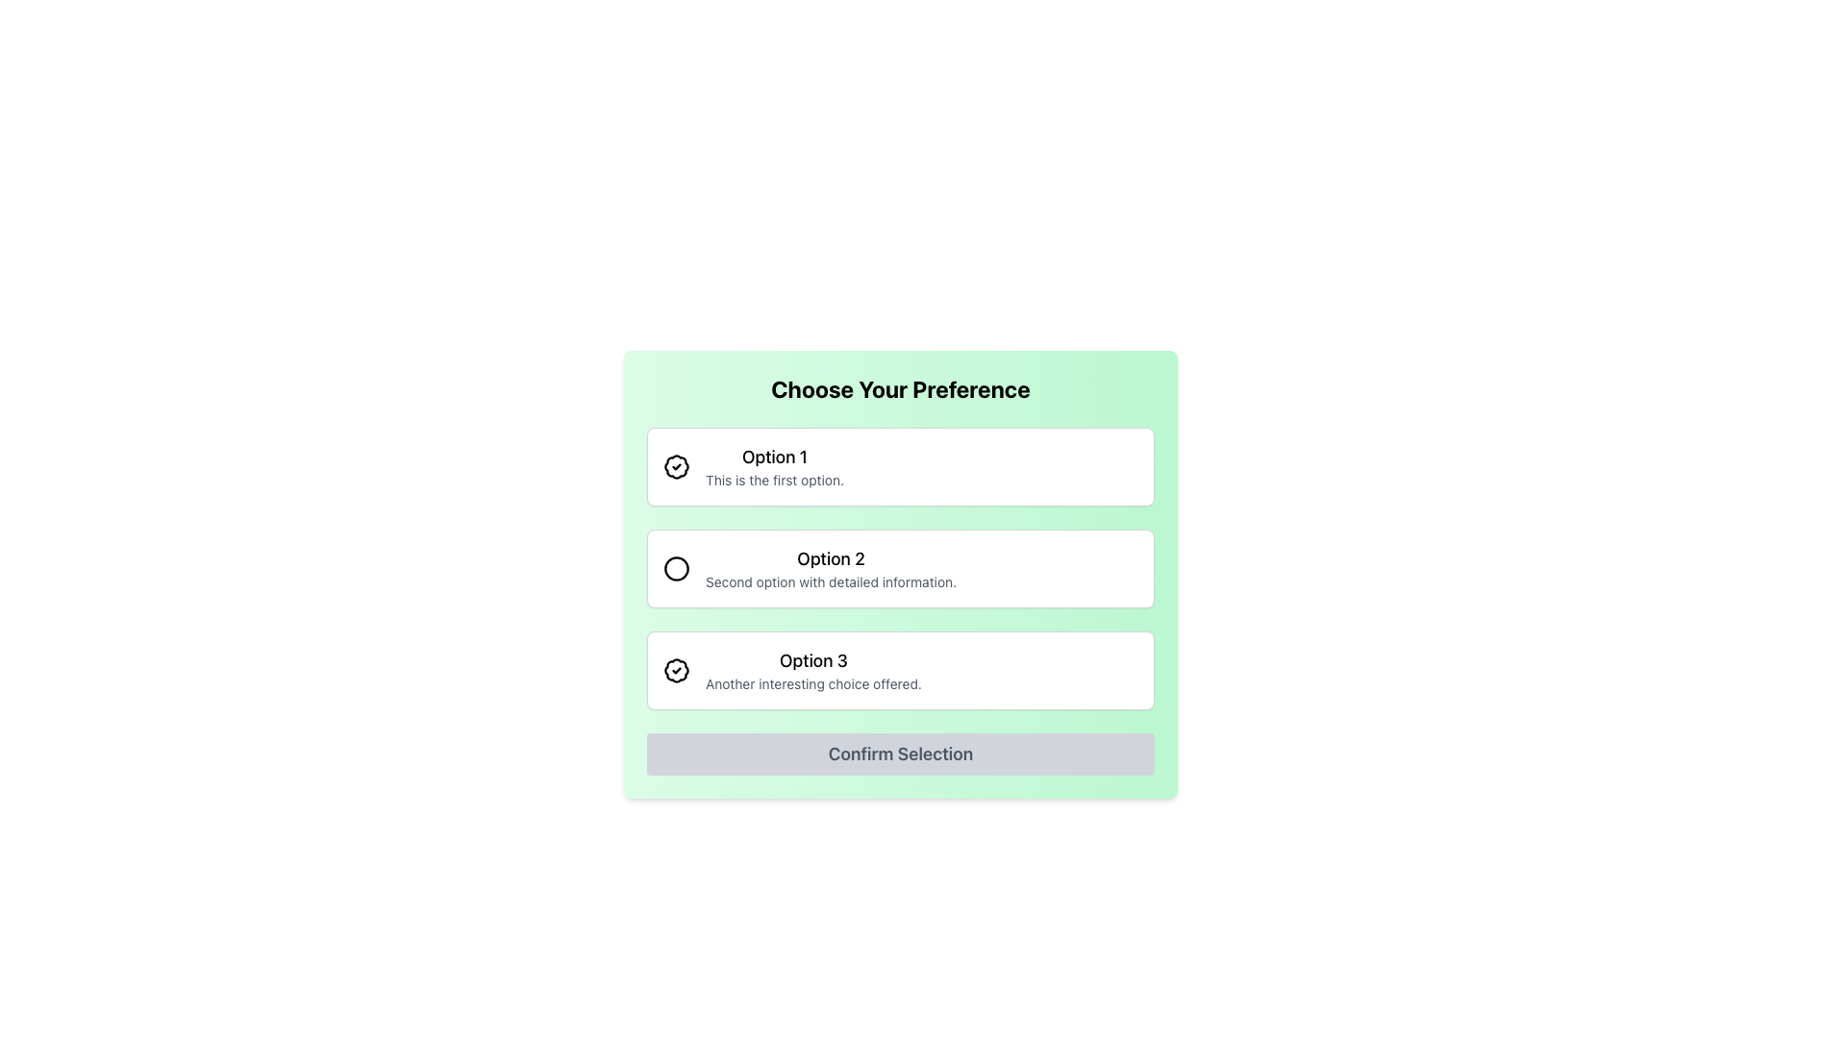 This screenshot has width=1846, height=1038. What do you see at coordinates (831, 559) in the screenshot?
I see `the 'Option 2' text label, which is a header-like text styled with a noticeable font size and medium weight, located in the second option block within a list of options` at bounding box center [831, 559].